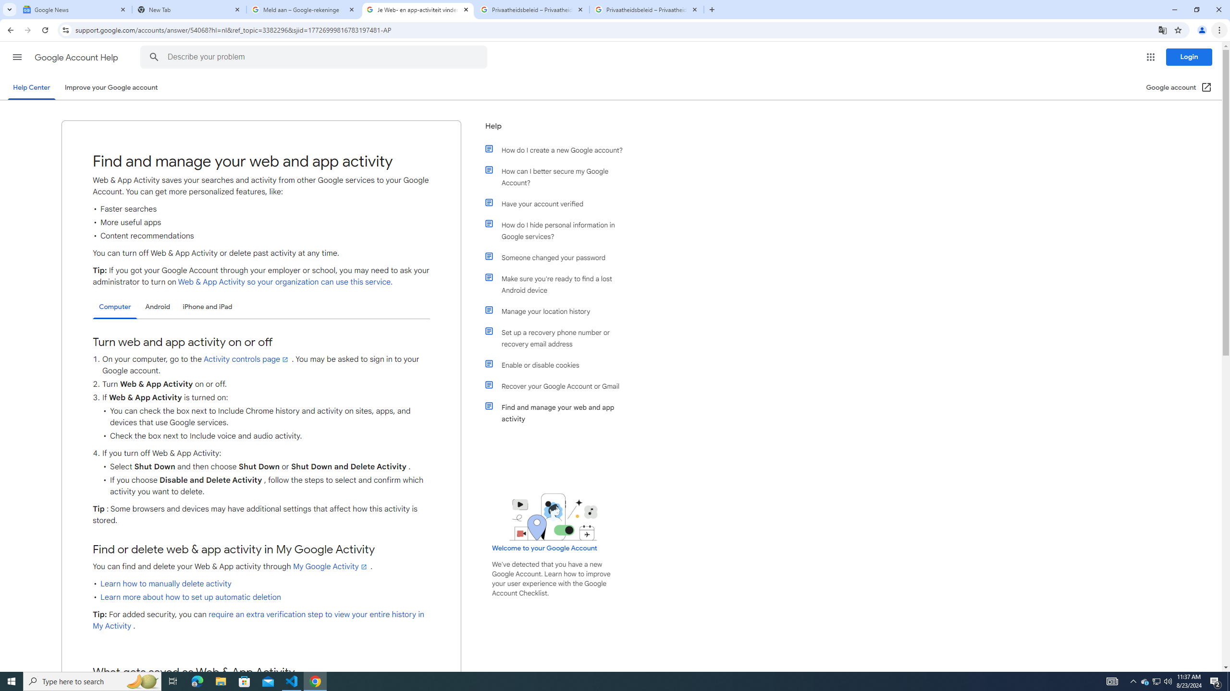 Image resolution: width=1230 pixels, height=691 pixels. I want to click on 'Make sure you', so click(558, 284).